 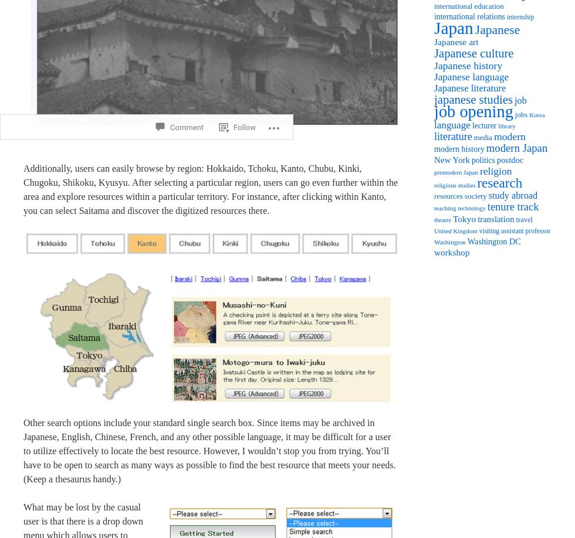 I want to click on 'technology', so click(x=457, y=208).